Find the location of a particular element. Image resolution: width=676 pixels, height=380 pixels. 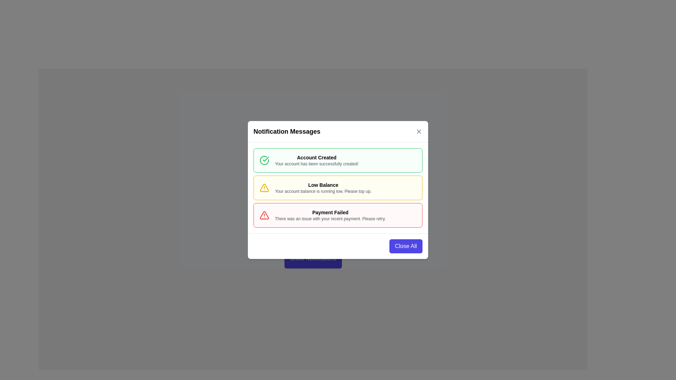

the close notifications button located in the lower-right corner of the modal is located at coordinates (406, 246).